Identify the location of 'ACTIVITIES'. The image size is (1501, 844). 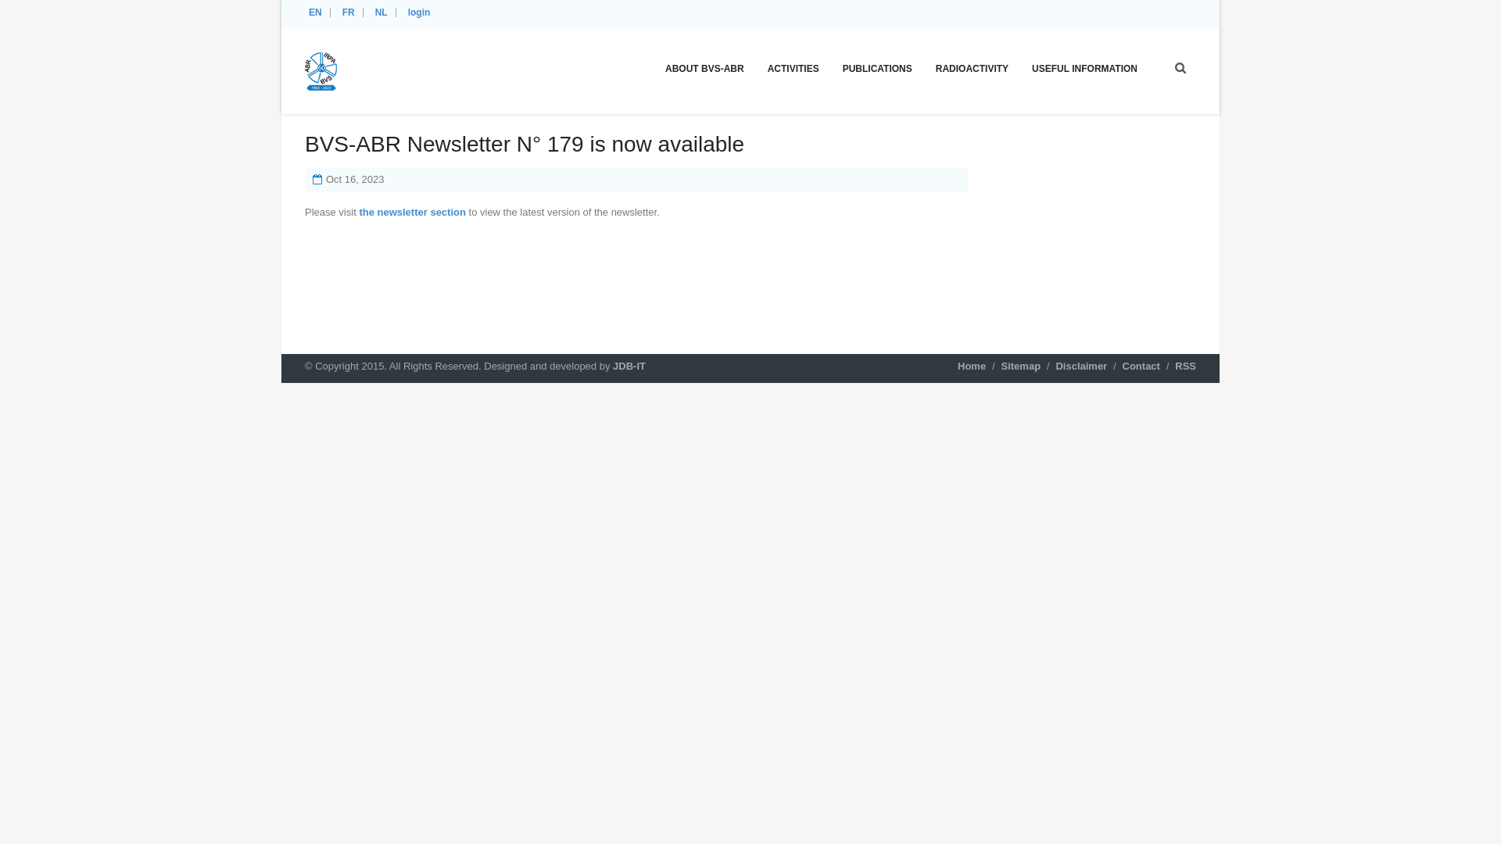
(793, 67).